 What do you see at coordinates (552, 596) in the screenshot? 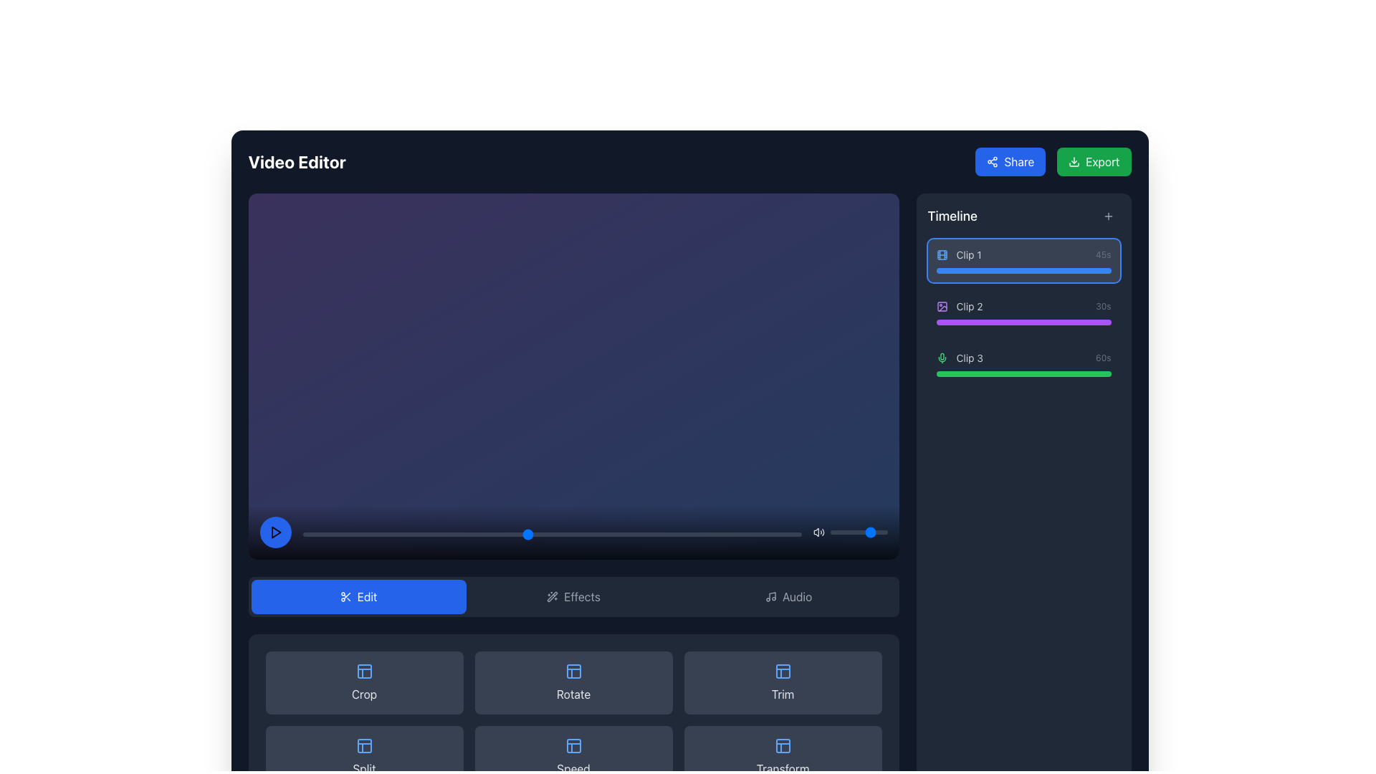
I see `the decorative 'magic wand' icon located in the top right corner of the interface, between 'Effects' and 'Audio'` at bounding box center [552, 596].